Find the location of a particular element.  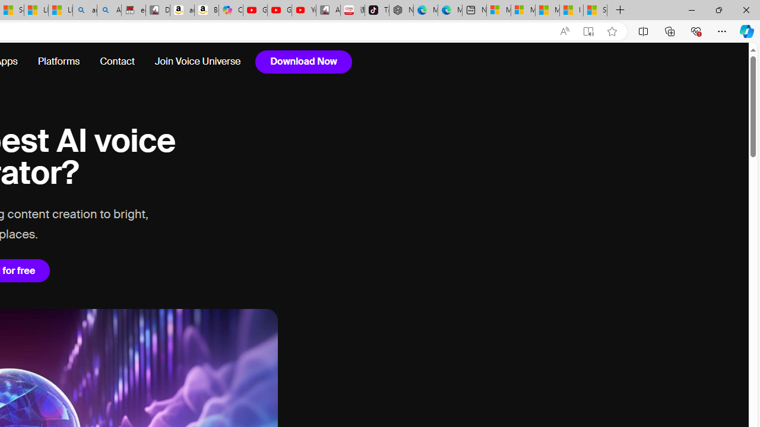

'Enter Immersive Reader (F9)' is located at coordinates (588, 31).